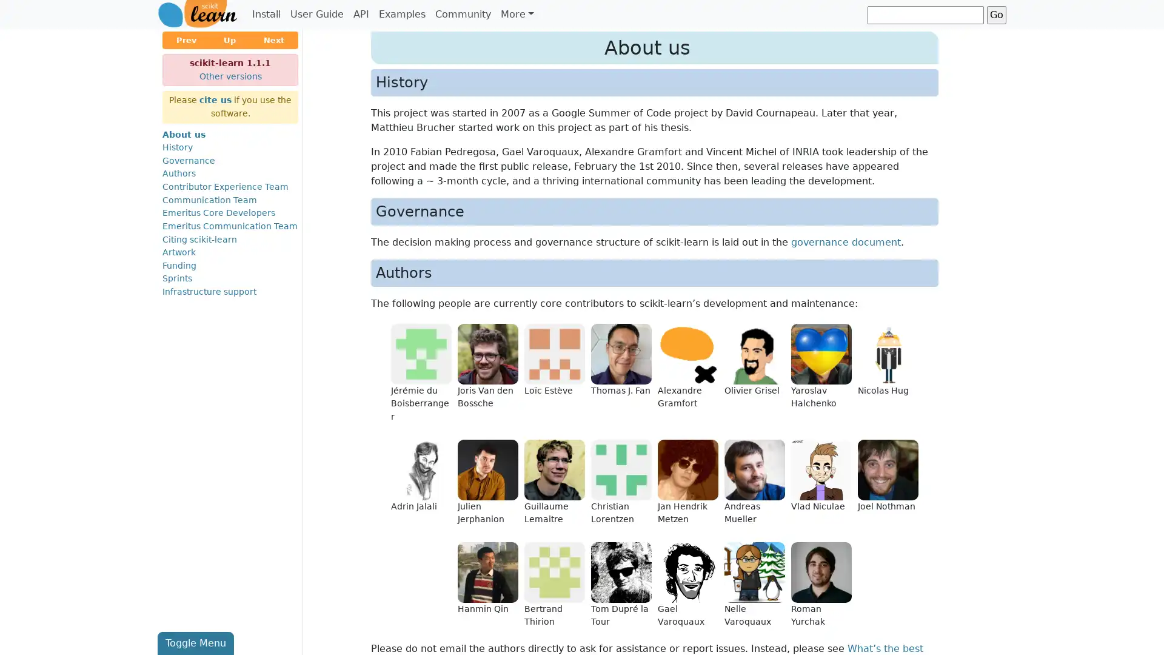 The width and height of the screenshot is (1164, 655). What do you see at coordinates (996, 14) in the screenshot?
I see `Go` at bounding box center [996, 14].